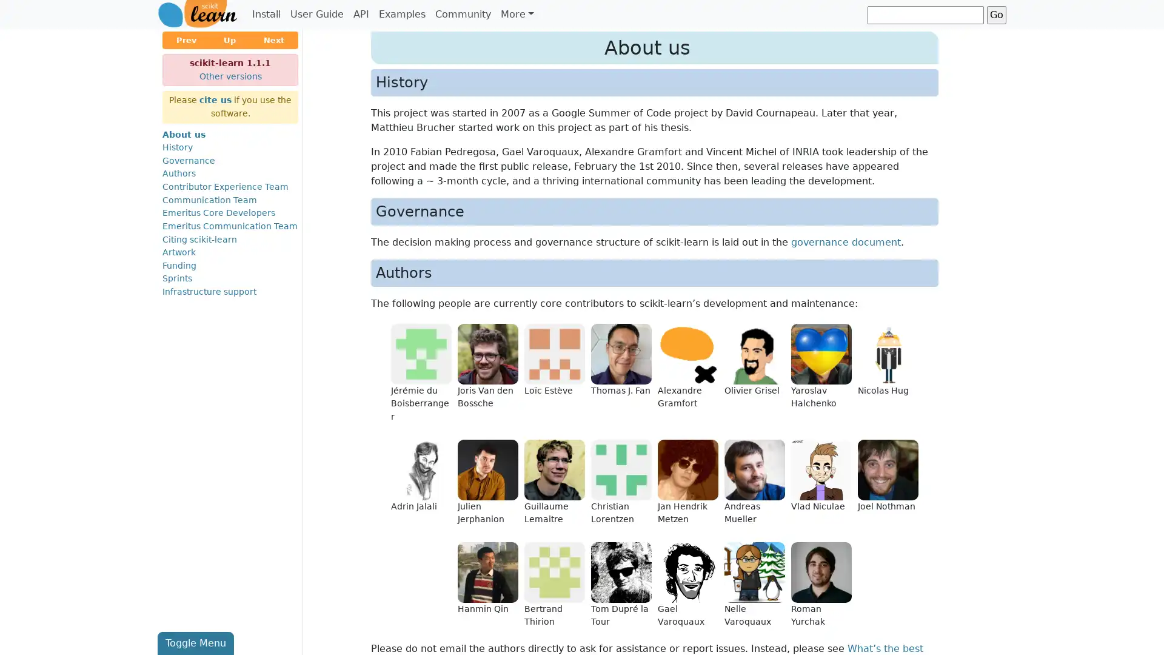 The width and height of the screenshot is (1164, 655). What do you see at coordinates (996, 14) in the screenshot?
I see `Go` at bounding box center [996, 14].